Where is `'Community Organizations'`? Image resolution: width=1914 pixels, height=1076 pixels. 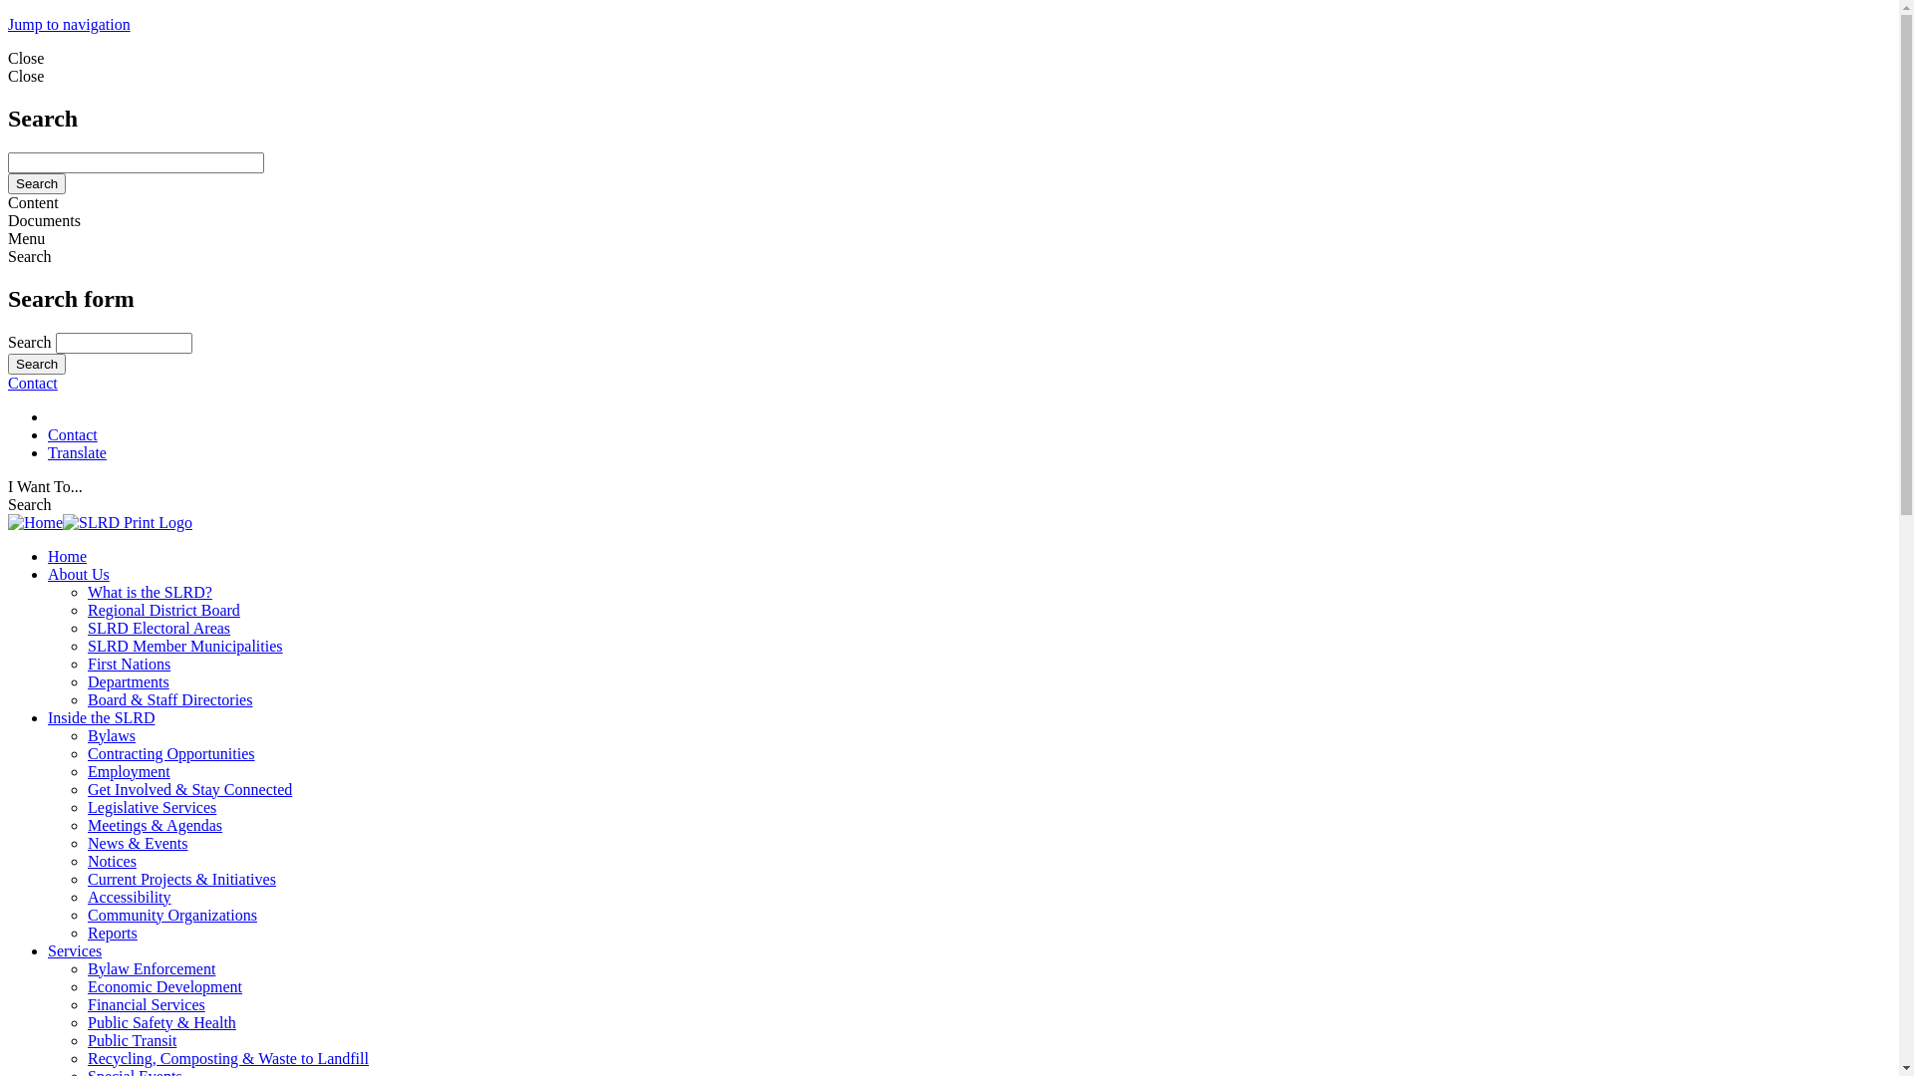
'Community Organizations' is located at coordinates (171, 915).